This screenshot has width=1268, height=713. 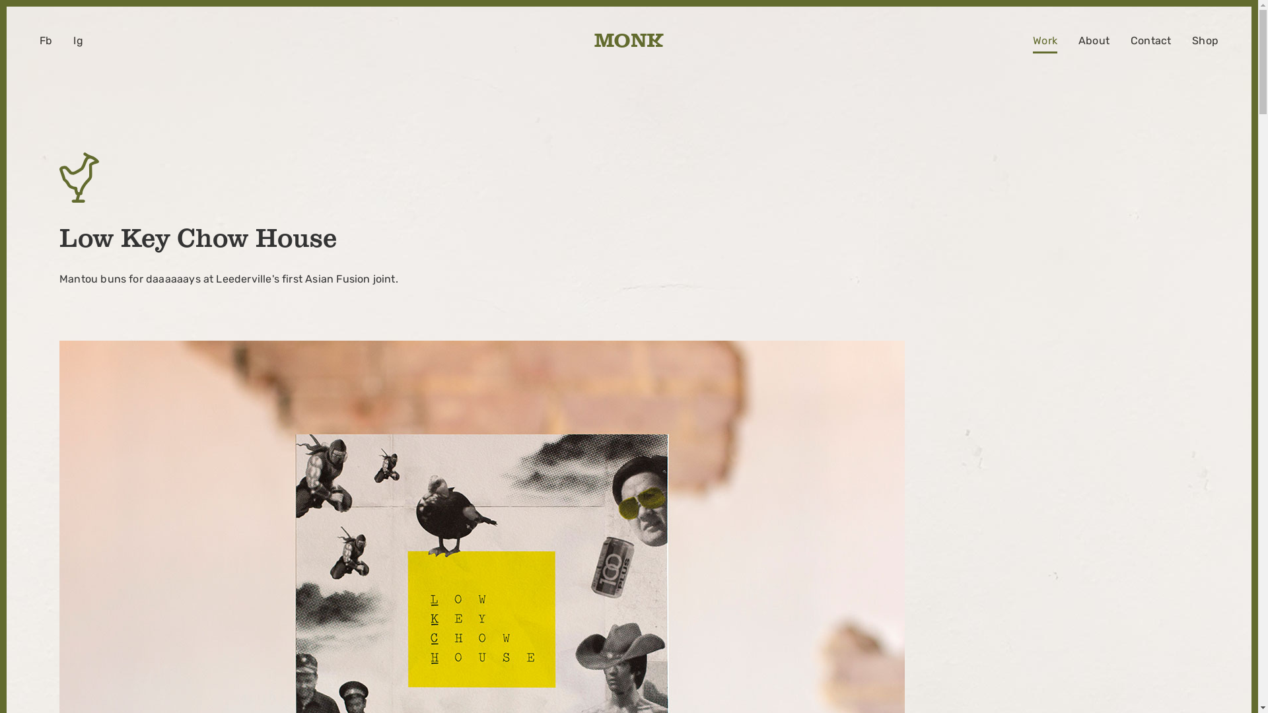 What do you see at coordinates (46, 42) in the screenshot?
I see `'Fb'` at bounding box center [46, 42].